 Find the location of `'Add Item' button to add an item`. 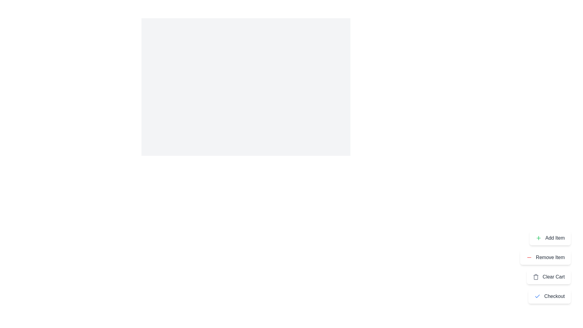

'Add Item' button to add an item is located at coordinates (550, 237).